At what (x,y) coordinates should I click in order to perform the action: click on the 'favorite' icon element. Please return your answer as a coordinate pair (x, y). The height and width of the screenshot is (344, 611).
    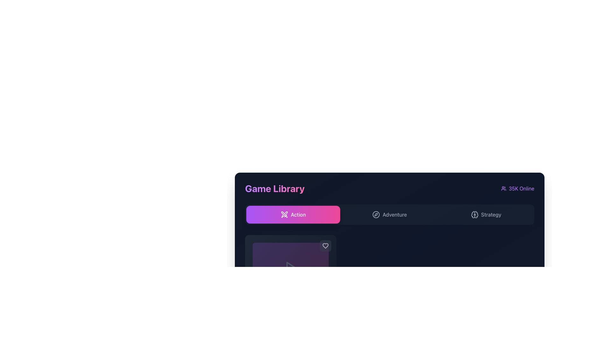
    Looking at the image, I should click on (325, 245).